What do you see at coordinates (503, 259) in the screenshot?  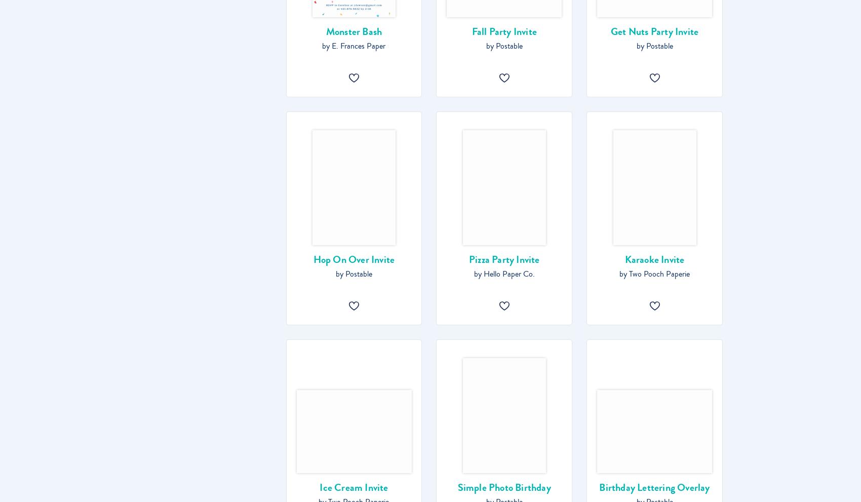 I see `'Pizza Party Invite'` at bounding box center [503, 259].